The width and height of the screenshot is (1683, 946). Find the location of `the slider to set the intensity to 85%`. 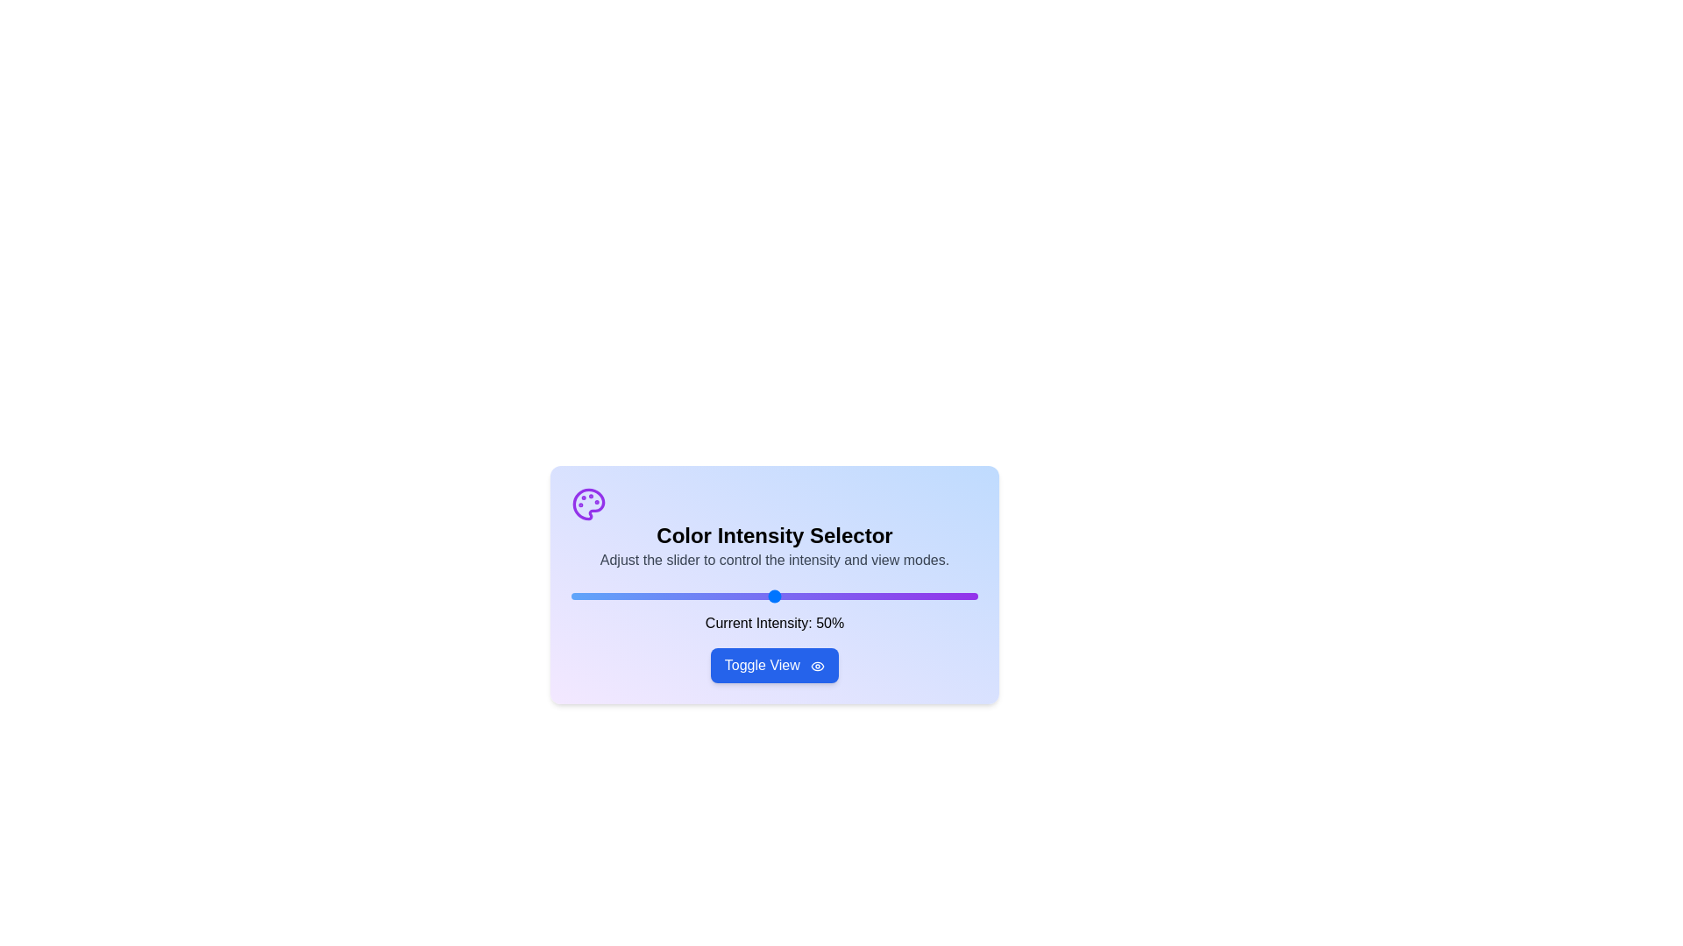

the slider to set the intensity to 85% is located at coordinates (916, 596).